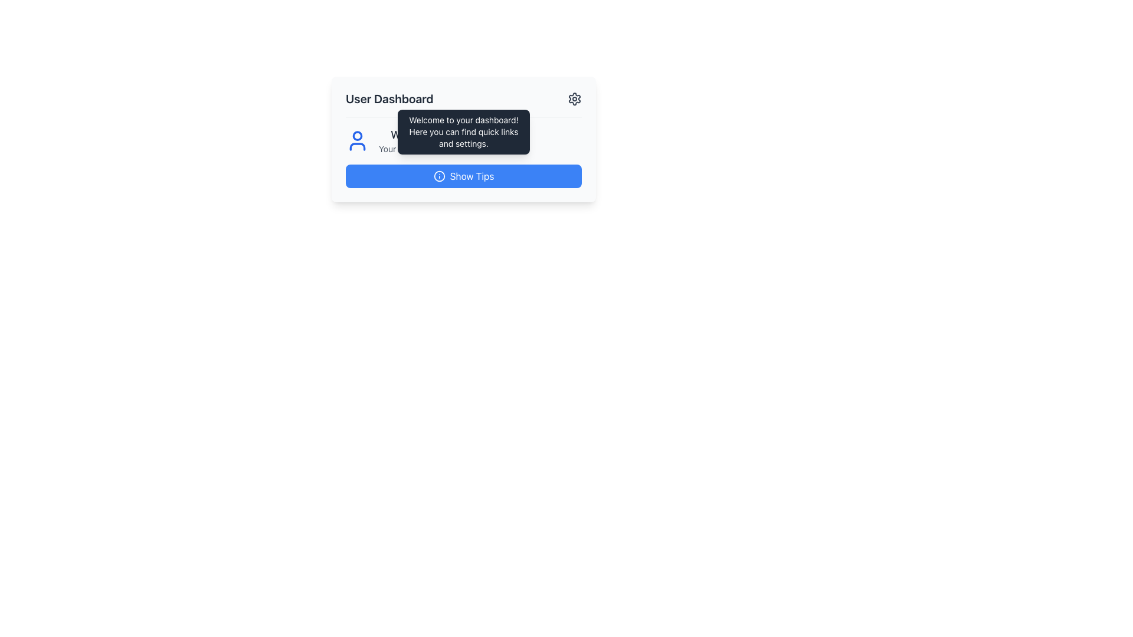 This screenshot has height=637, width=1133. Describe the element at coordinates (463, 132) in the screenshot. I see `the Tooltip or notification box that provides a brief welcoming message or instructional information regarding the dashboard's features` at that location.